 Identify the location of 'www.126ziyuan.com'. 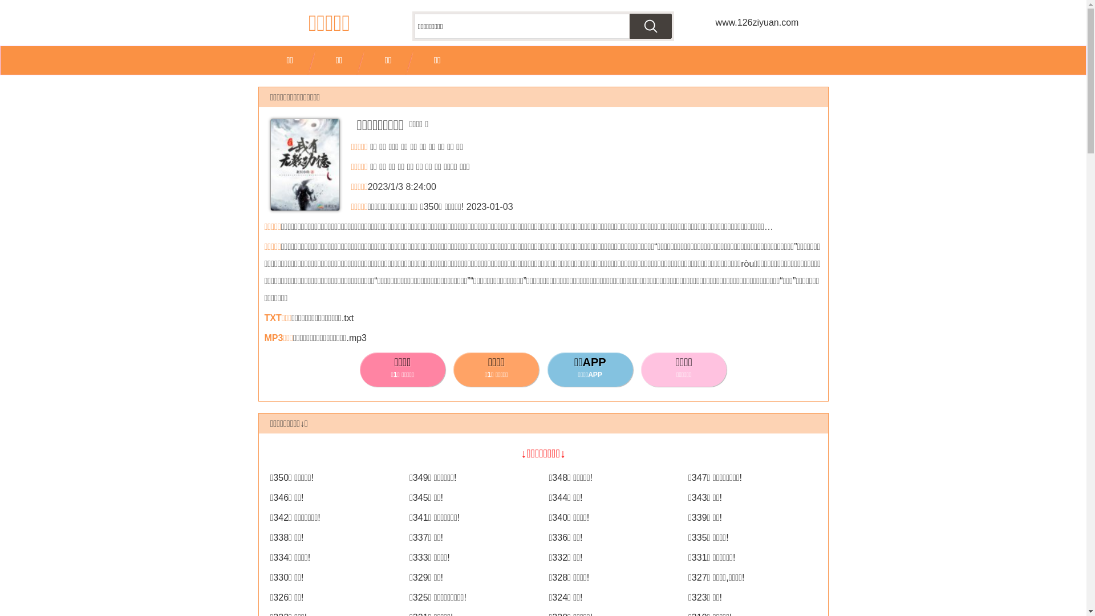
(756, 22).